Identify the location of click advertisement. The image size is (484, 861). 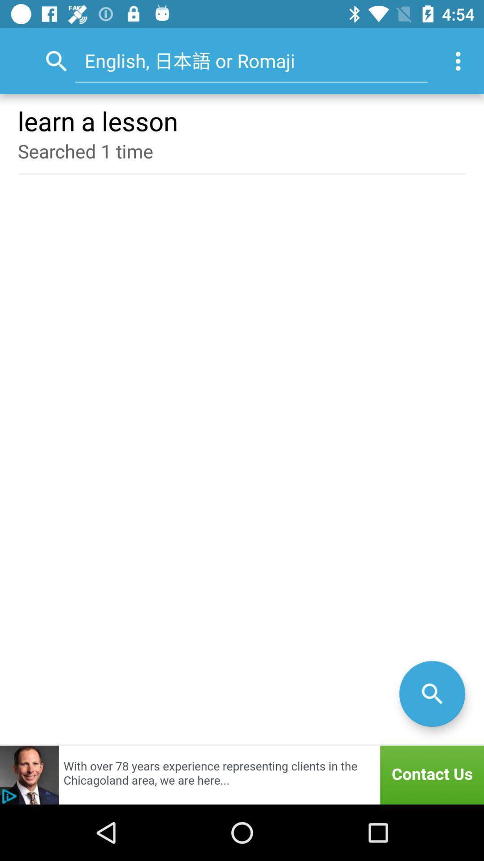
(242, 774).